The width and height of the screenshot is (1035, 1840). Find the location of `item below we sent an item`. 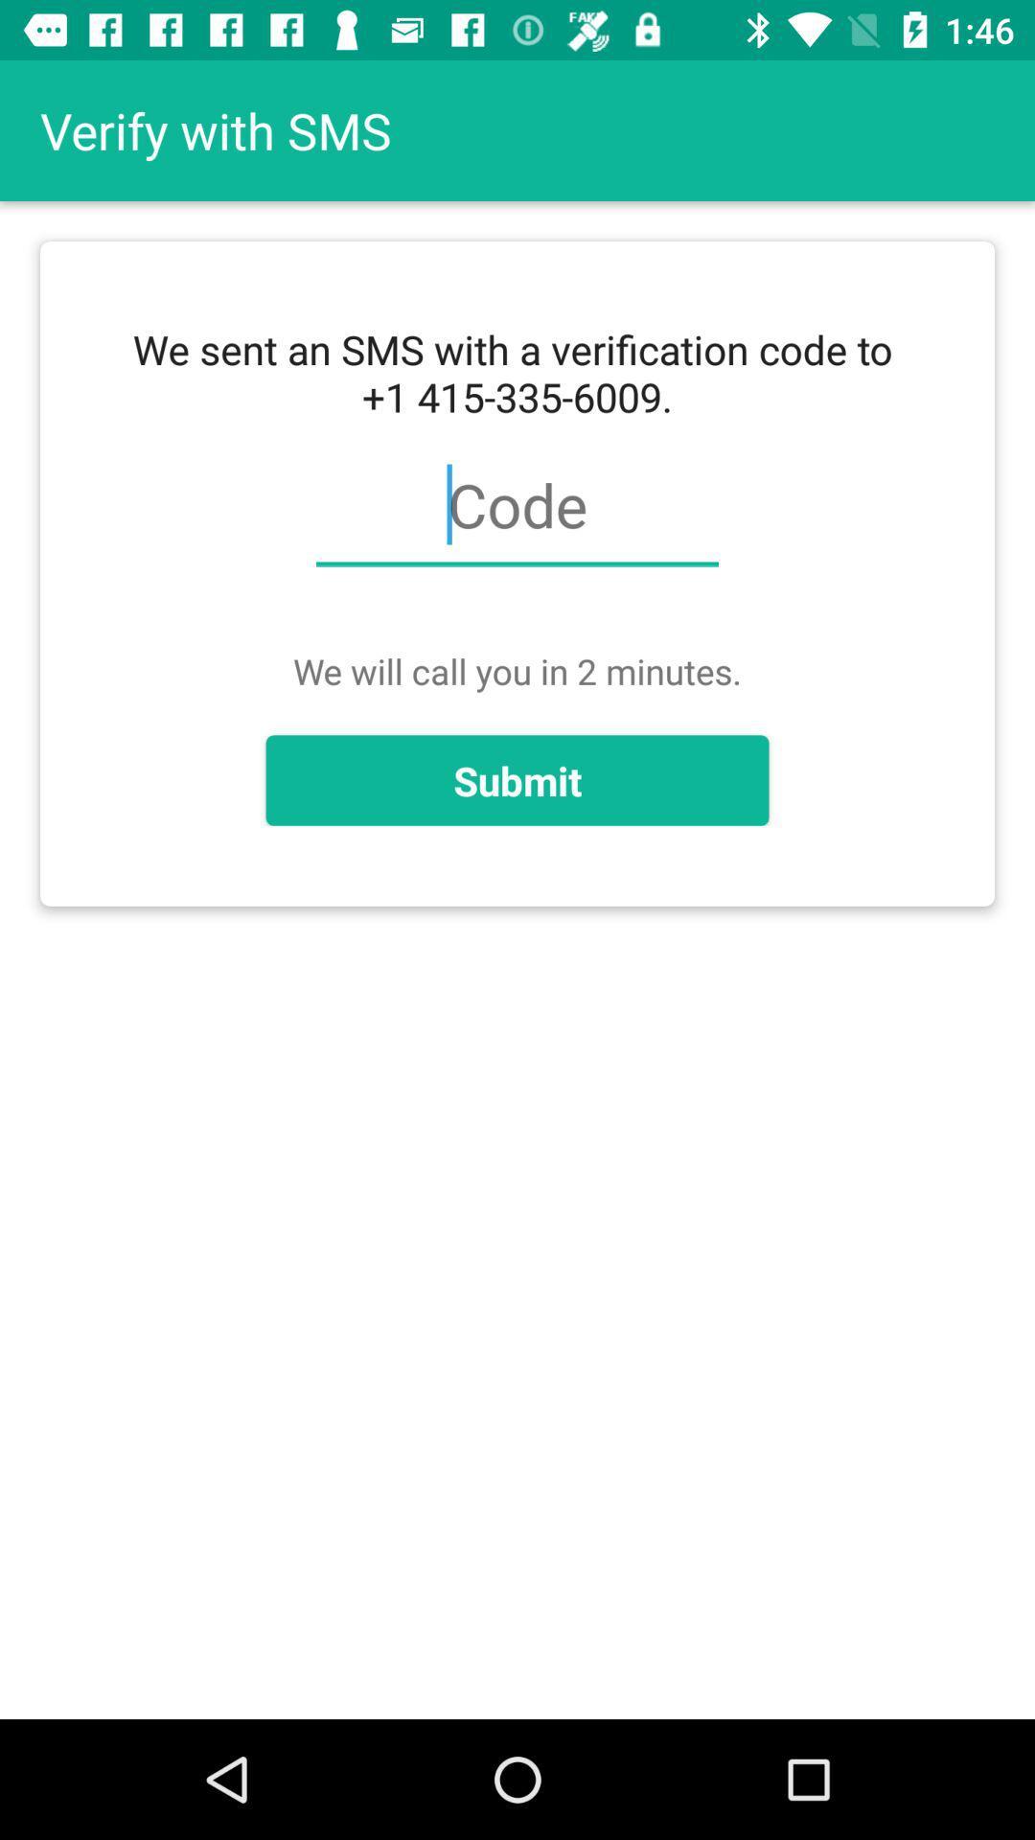

item below we sent an item is located at coordinates (517, 516).